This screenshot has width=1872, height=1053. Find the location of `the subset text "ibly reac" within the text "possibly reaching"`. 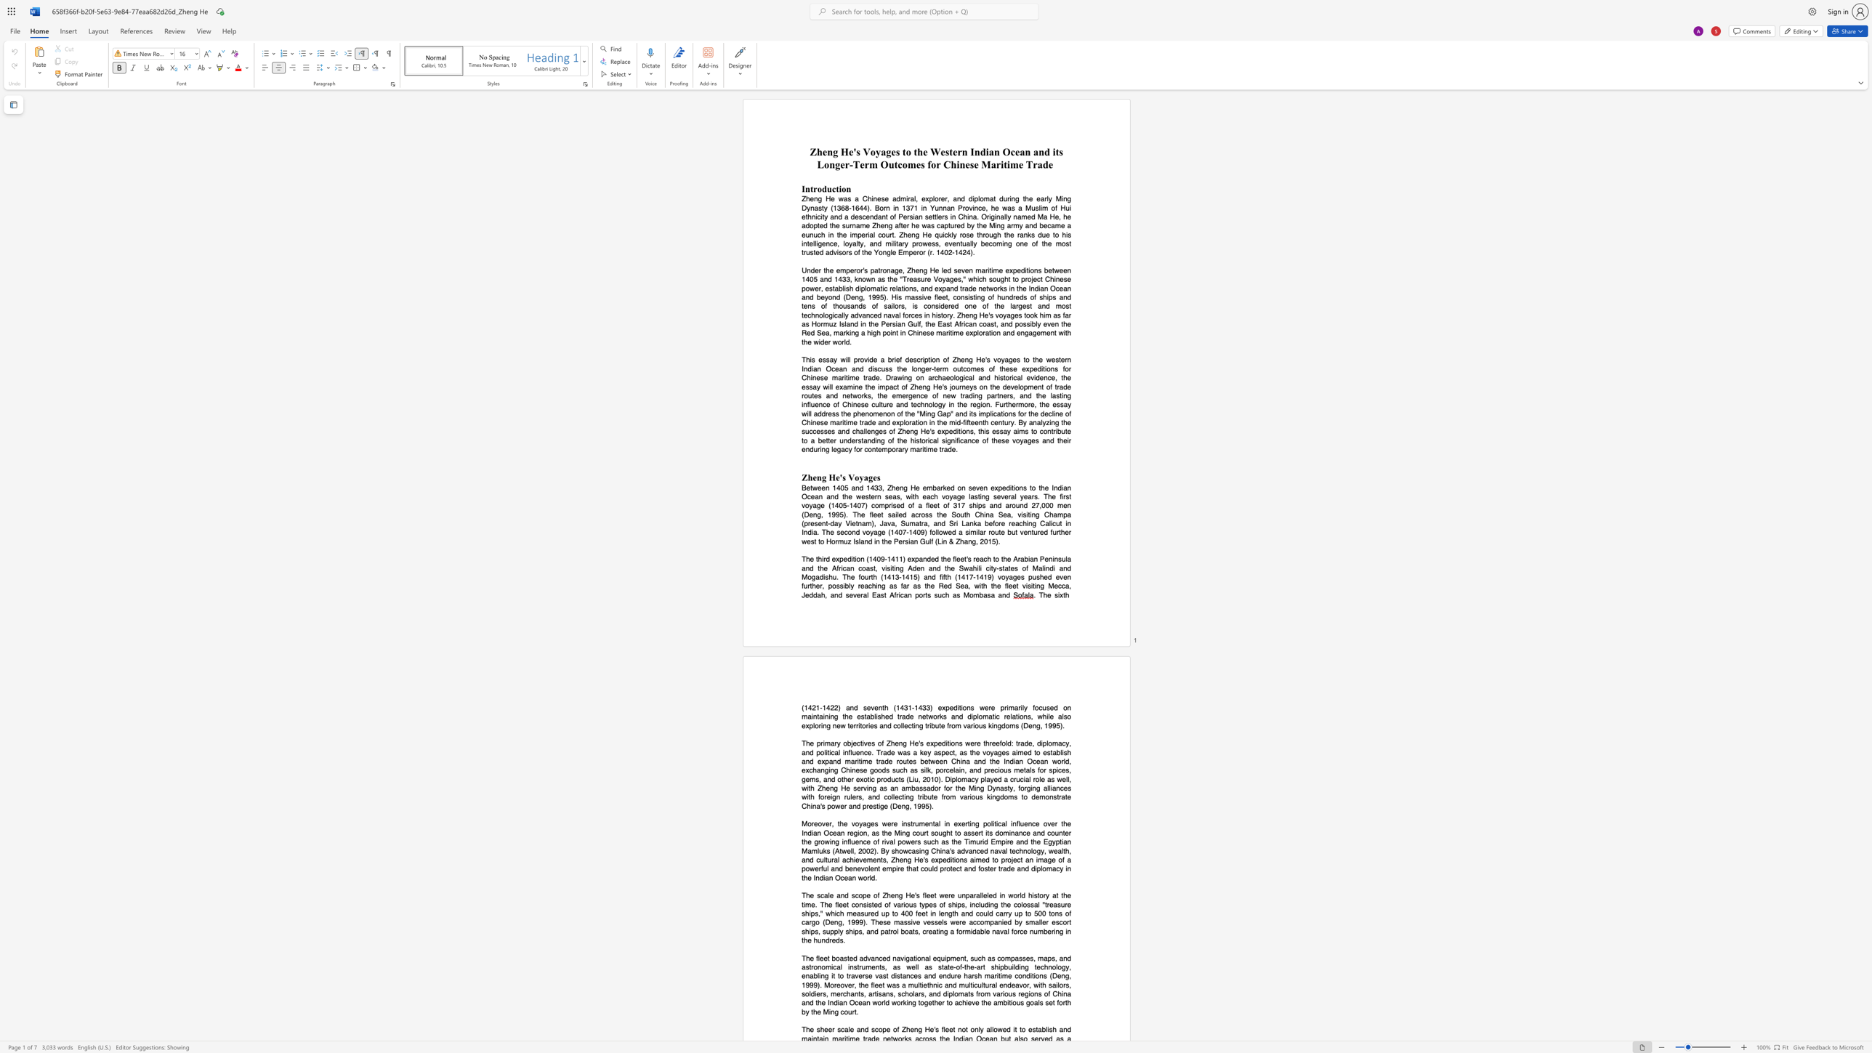

the subset text "ibly reac" within the text "possibly reaching" is located at coordinates (842, 586).